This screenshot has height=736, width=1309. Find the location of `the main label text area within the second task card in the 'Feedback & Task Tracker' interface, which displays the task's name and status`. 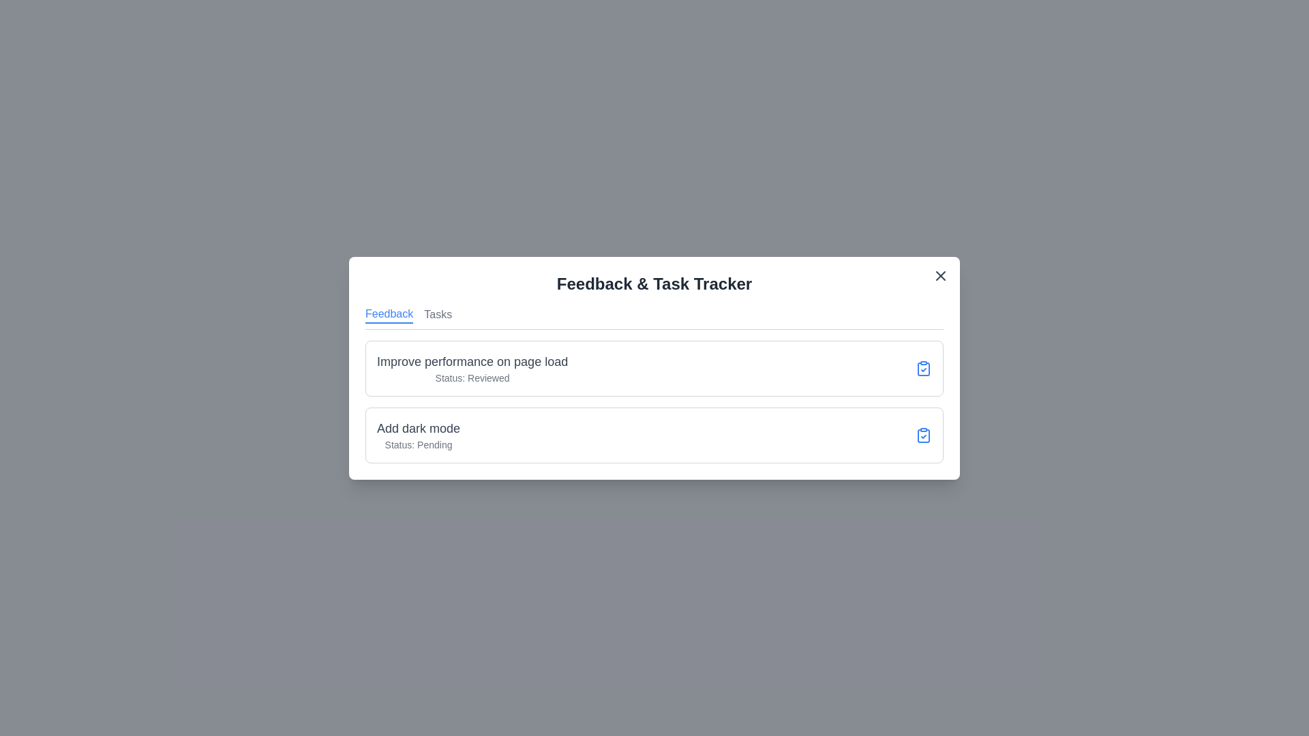

the main label text area within the second task card in the 'Feedback & Task Tracker' interface, which displays the task's name and status is located at coordinates (418, 435).